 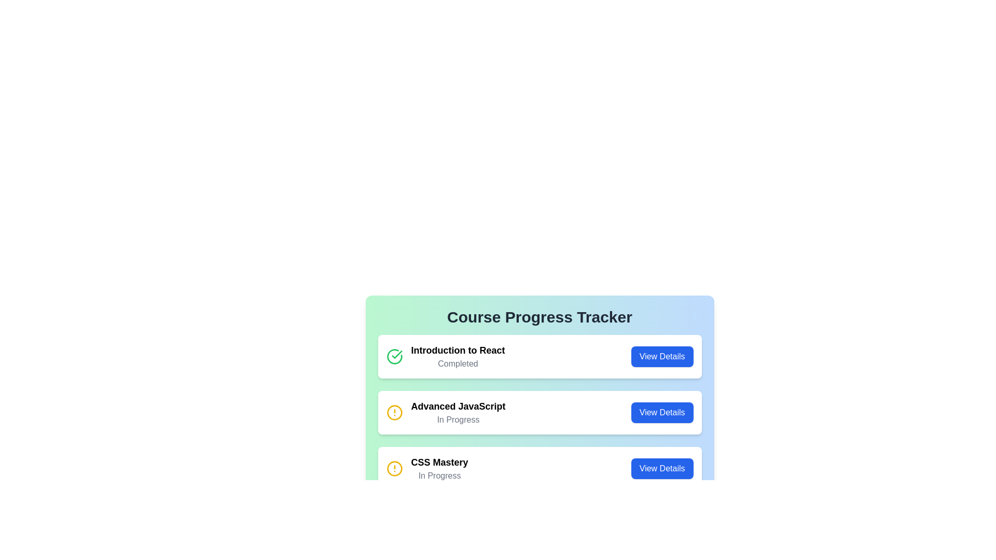 I want to click on title text of the course labeled 'Introduction to React', which is displayed at the top-left section of the course card in the course tracker interface, so click(x=458, y=350).